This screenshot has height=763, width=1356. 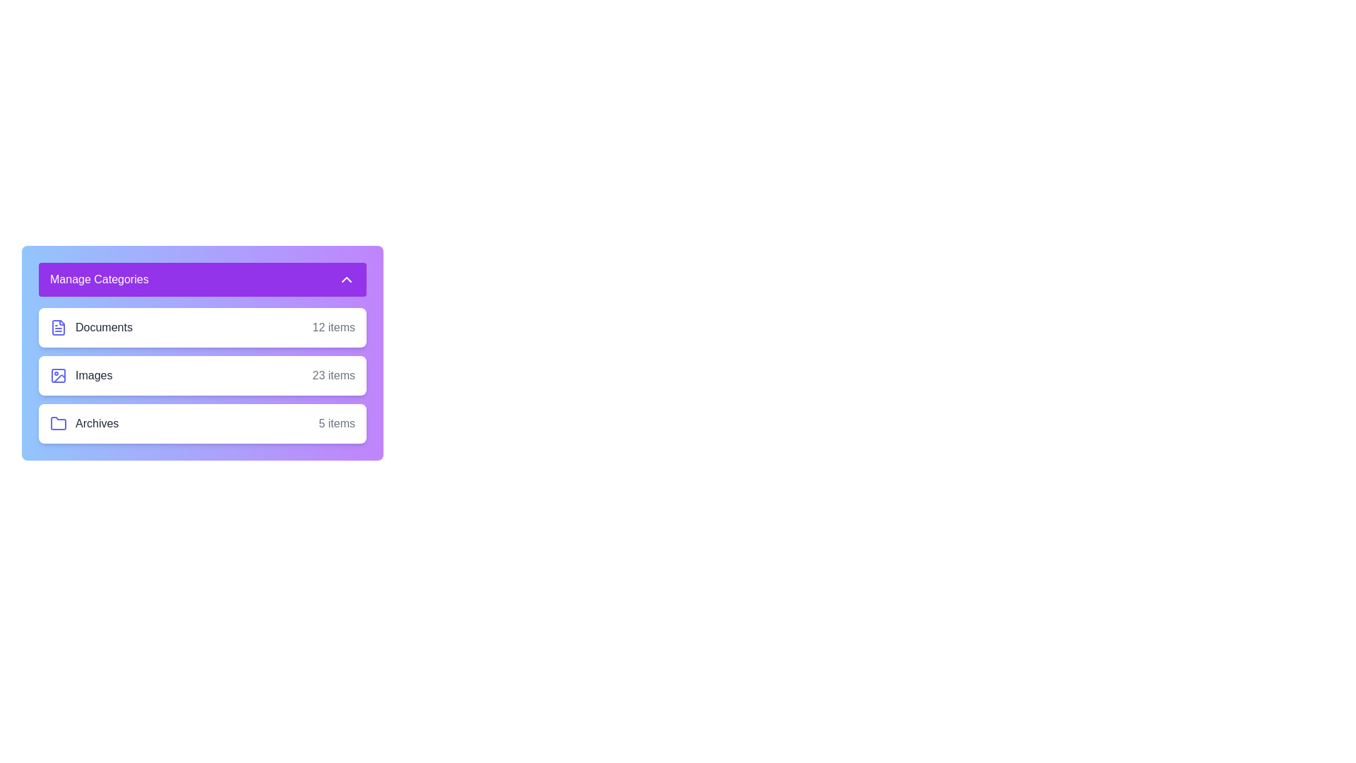 I want to click on the 'Manage Categories' button, so click(x=202, y=280).